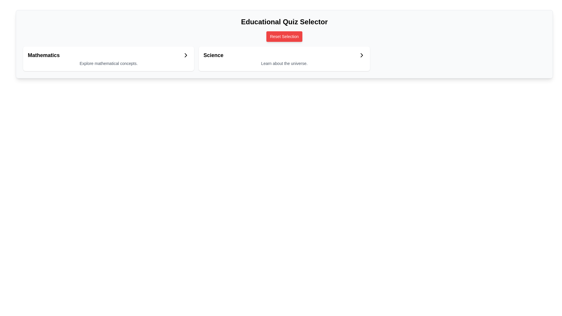 This screenshot has height=316, width=562. Describe the element at coordinates (284, 21) in the screenshot. I see `title from the Header text element located at the top of the interface, above the 'Reset Selection' button` at that location.